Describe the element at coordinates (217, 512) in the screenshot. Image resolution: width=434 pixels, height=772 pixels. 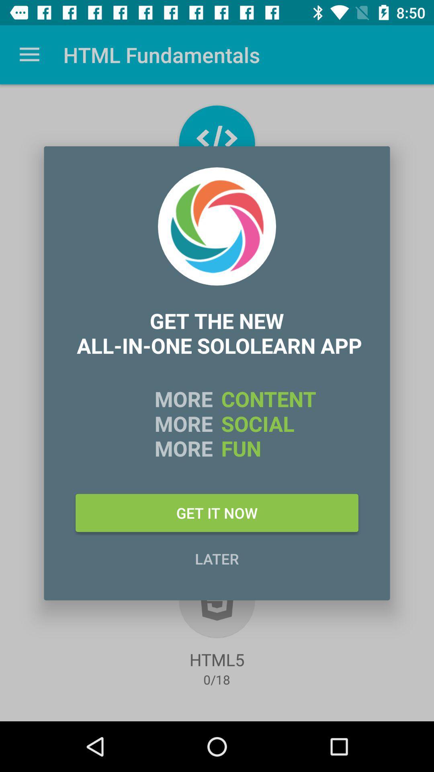
I see `get it now icon` at that location.